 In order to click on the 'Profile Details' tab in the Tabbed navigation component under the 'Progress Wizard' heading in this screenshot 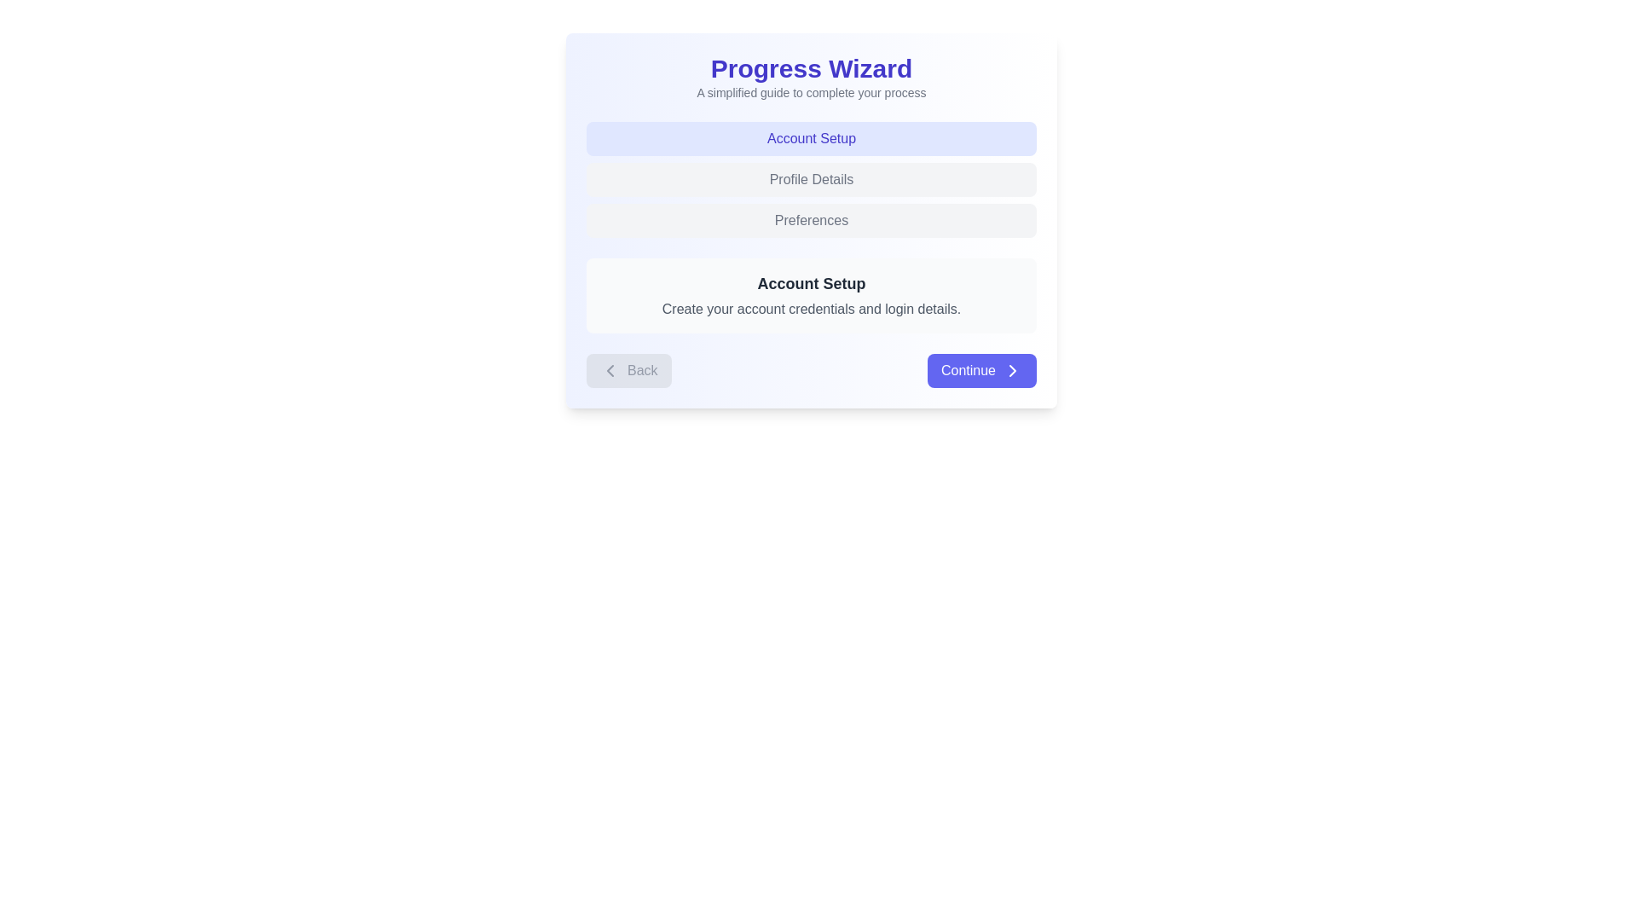, I will do `click(810, 180)`.